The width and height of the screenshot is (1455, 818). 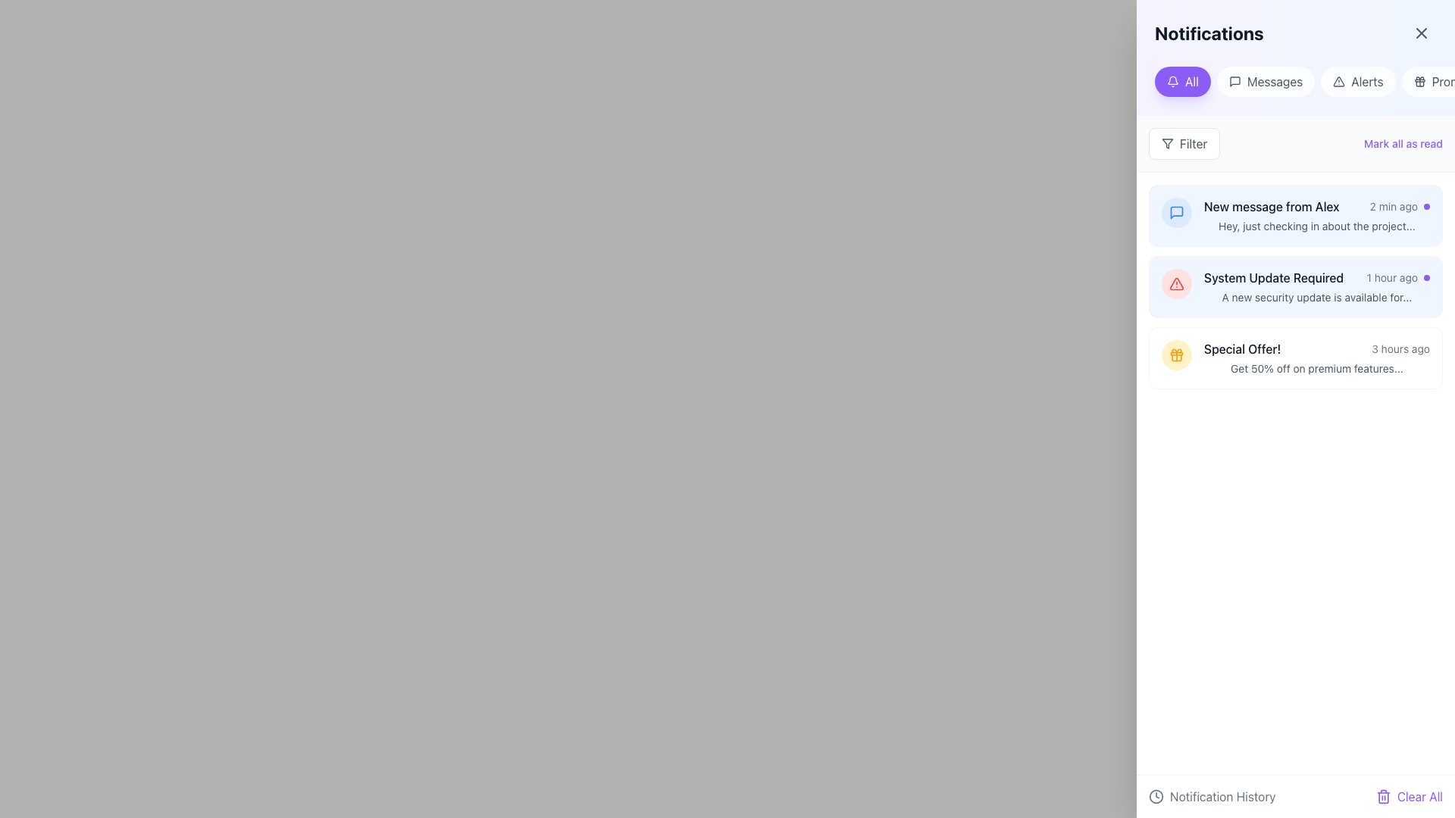 I want to click on the archive icon within the group of interactive buttons located on the right side of the 'Special Offer!' notification card, so click(x=1387, y=358).